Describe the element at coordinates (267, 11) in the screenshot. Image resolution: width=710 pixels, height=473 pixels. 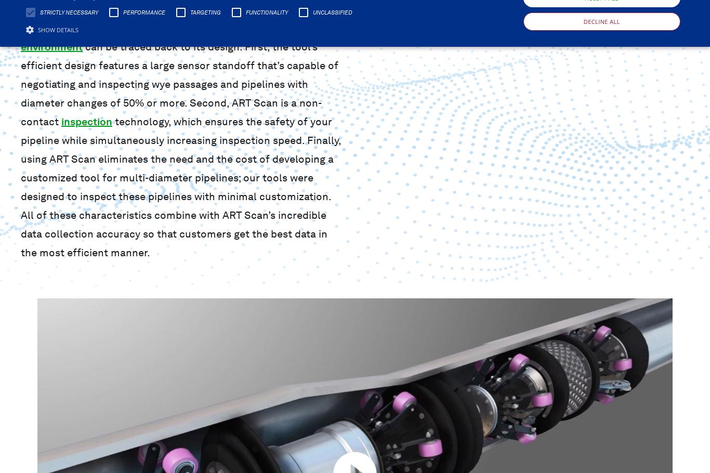
I see `'Functionality'` at that location.